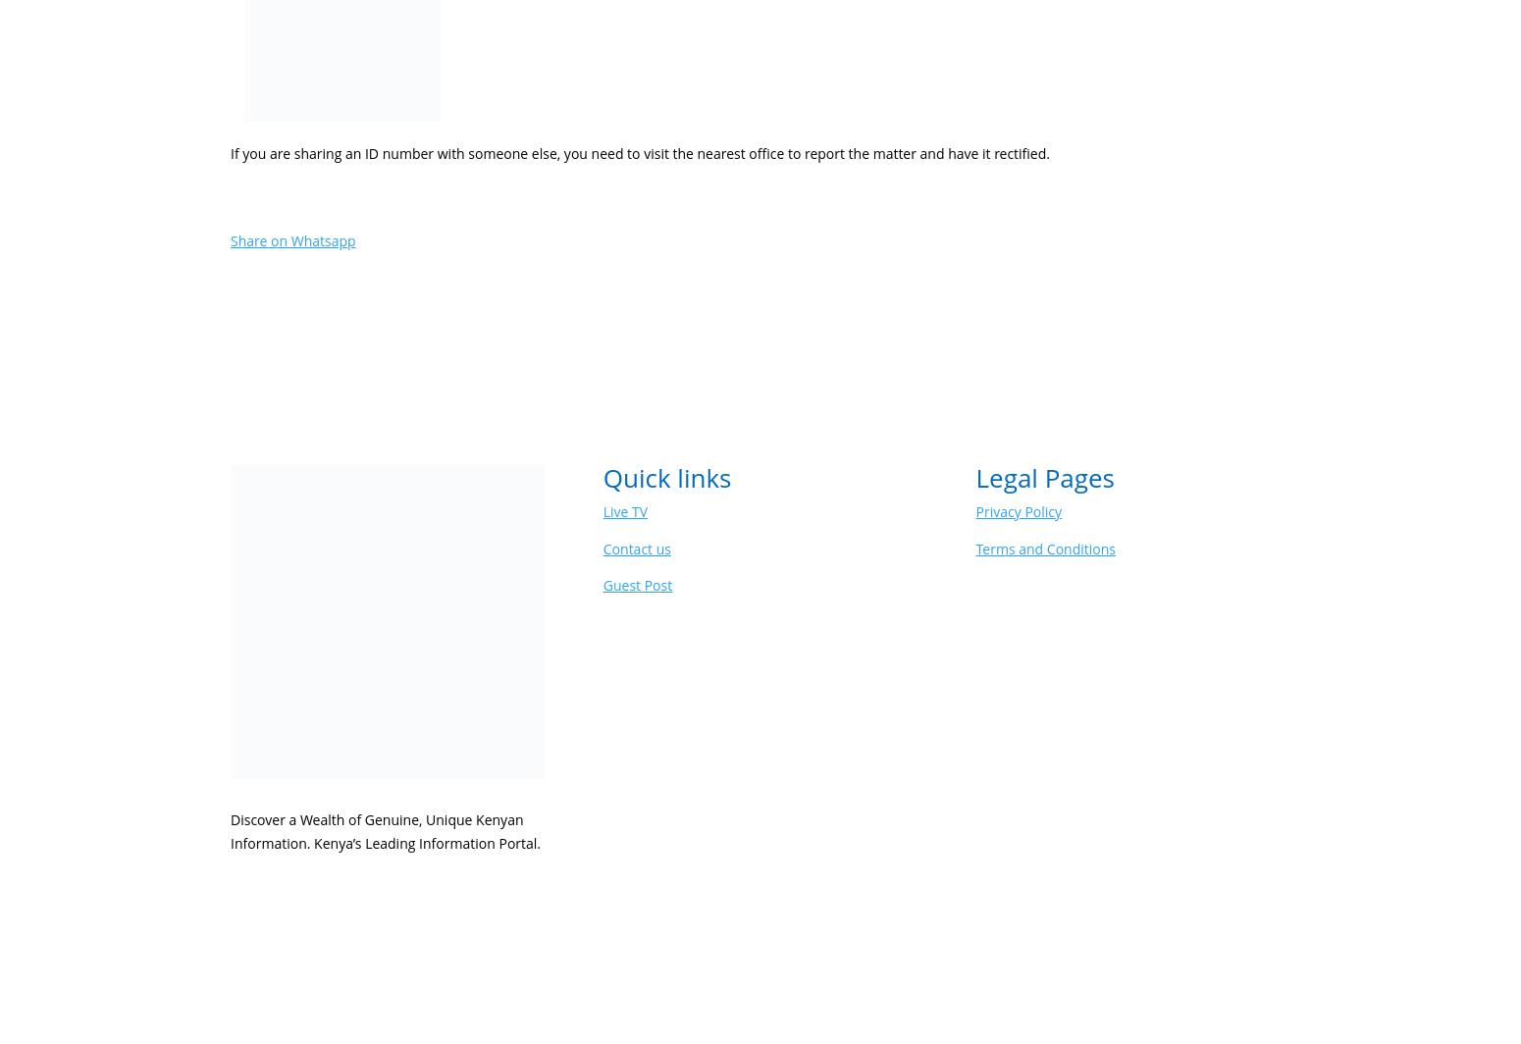 The image size is (1521, 1044). Describe the element at coordinates (974, 477) in the screenshot. I see `'Legal Pages'` at that location.